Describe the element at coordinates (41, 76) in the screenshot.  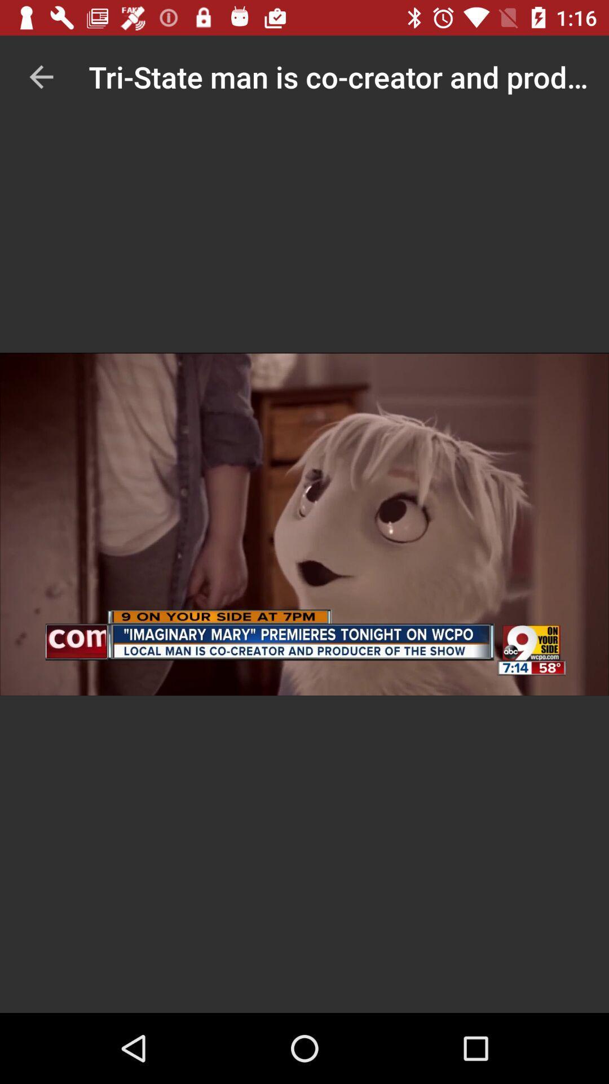
I see `the item to the left of tri state man item` at that location.